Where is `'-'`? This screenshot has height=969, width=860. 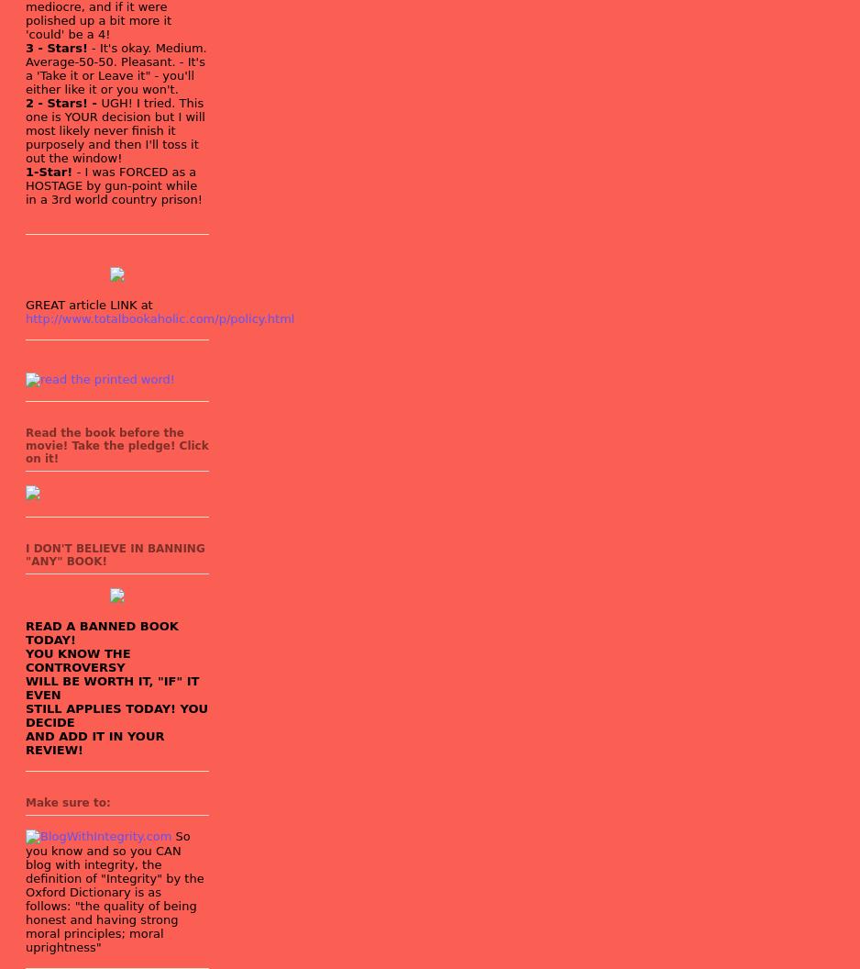 '-' is located at coordinates (92, 47).